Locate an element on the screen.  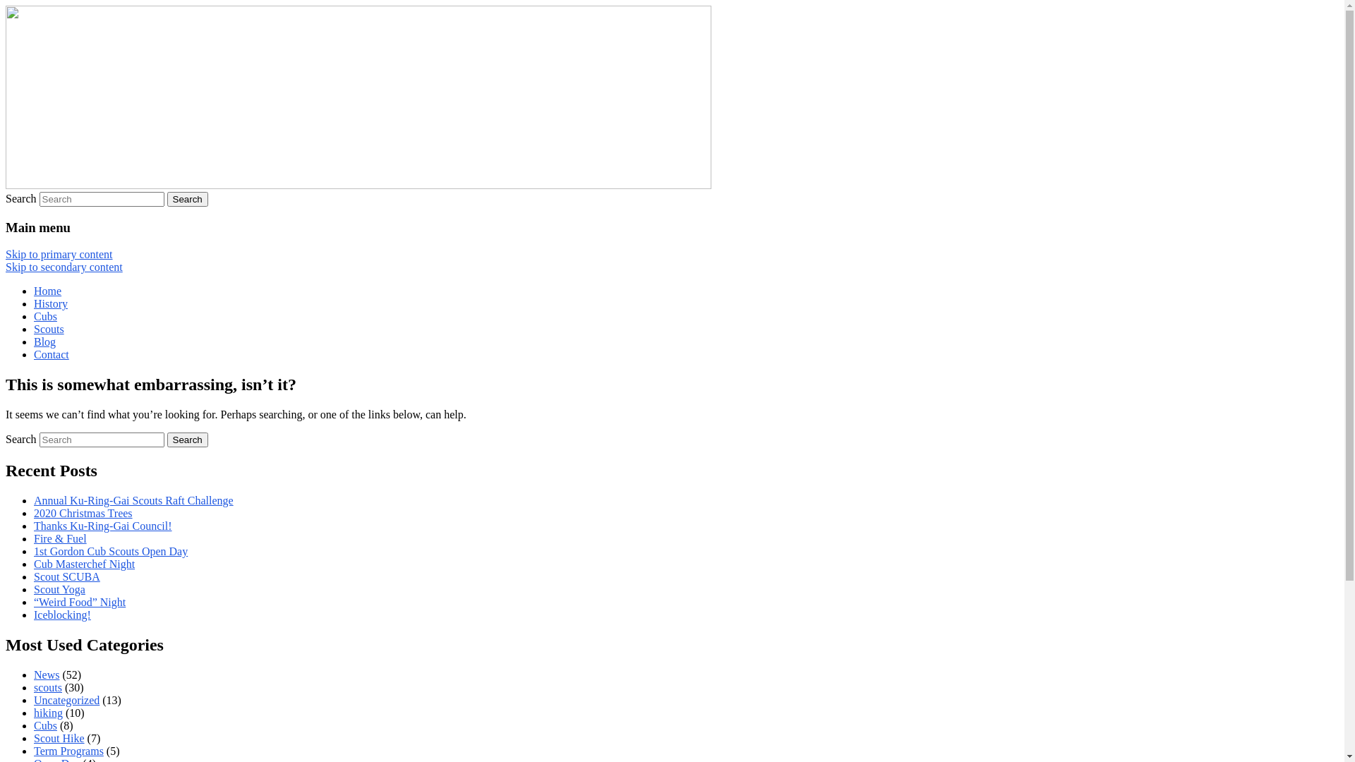
'hiking' is located at coordinates (34, 713).